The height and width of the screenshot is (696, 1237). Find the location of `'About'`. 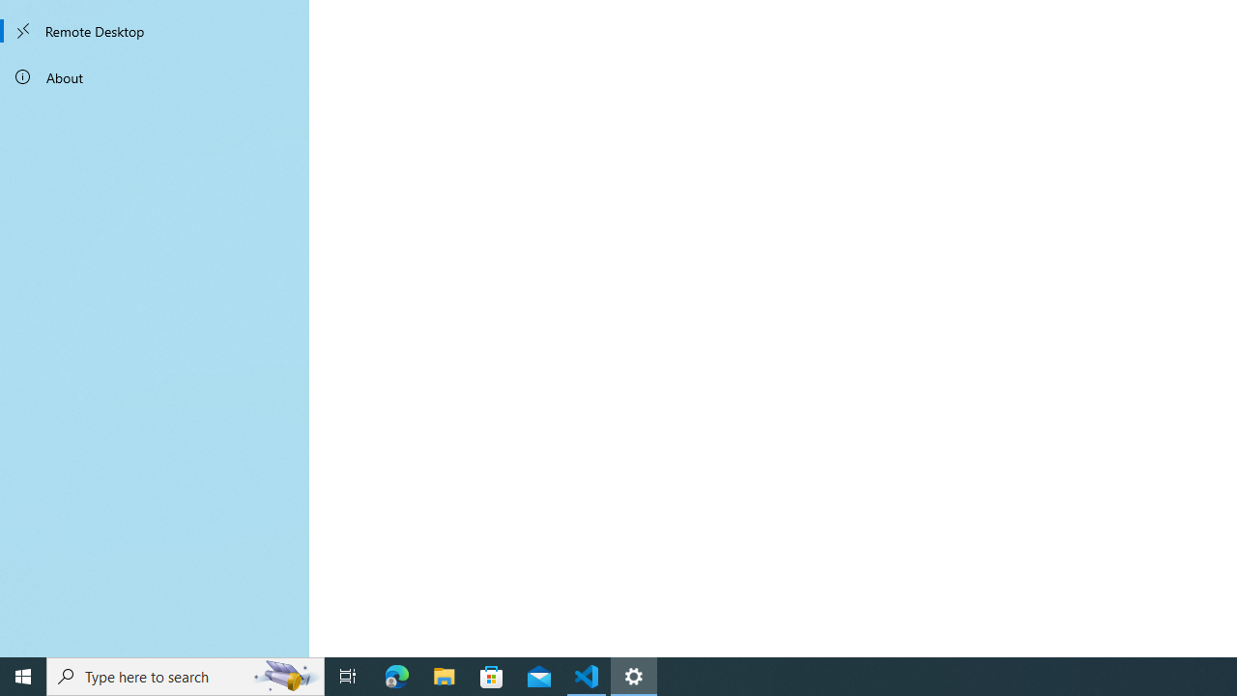

'About' is located at coordinates (155, 75).